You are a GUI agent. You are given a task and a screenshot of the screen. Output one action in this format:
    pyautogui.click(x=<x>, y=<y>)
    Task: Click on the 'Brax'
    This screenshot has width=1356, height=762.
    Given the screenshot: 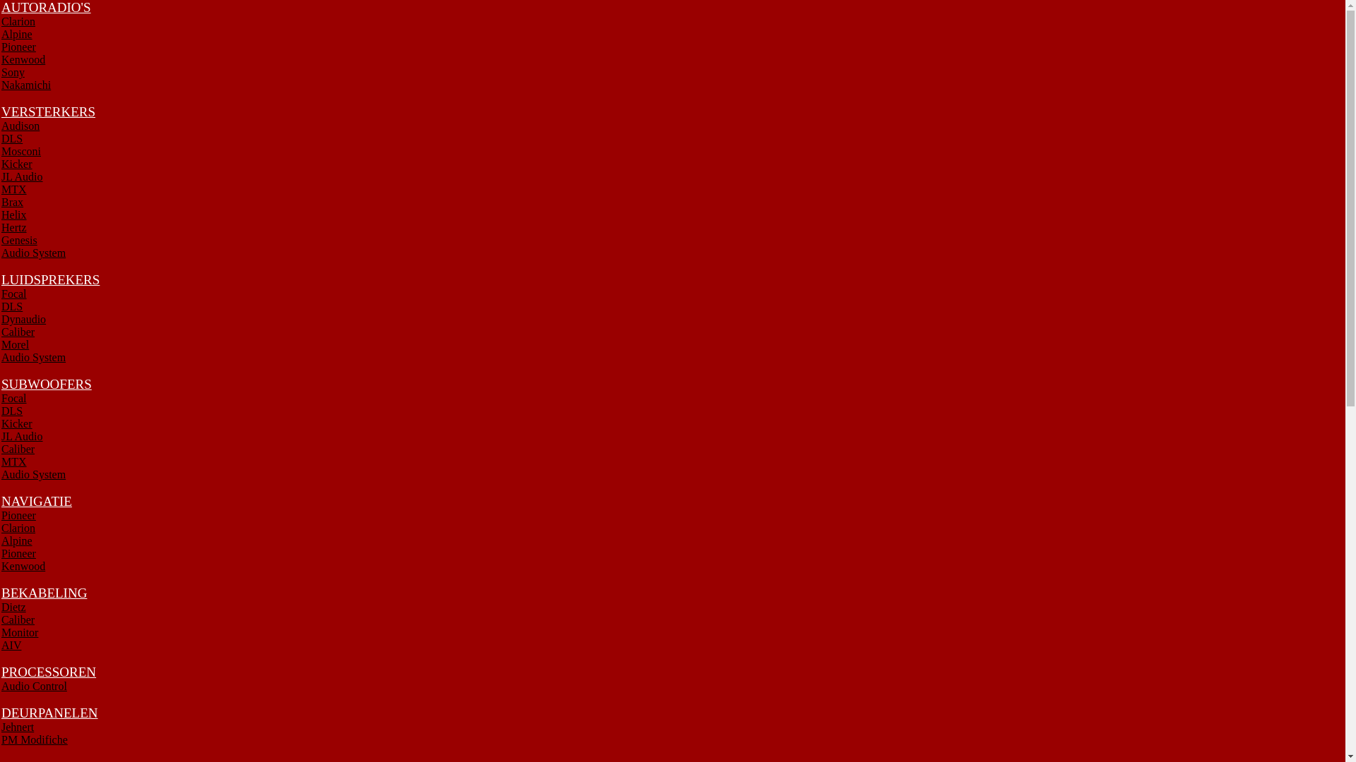 What is the action you would take?
    pyautogui.click(x=12, y=202)
    